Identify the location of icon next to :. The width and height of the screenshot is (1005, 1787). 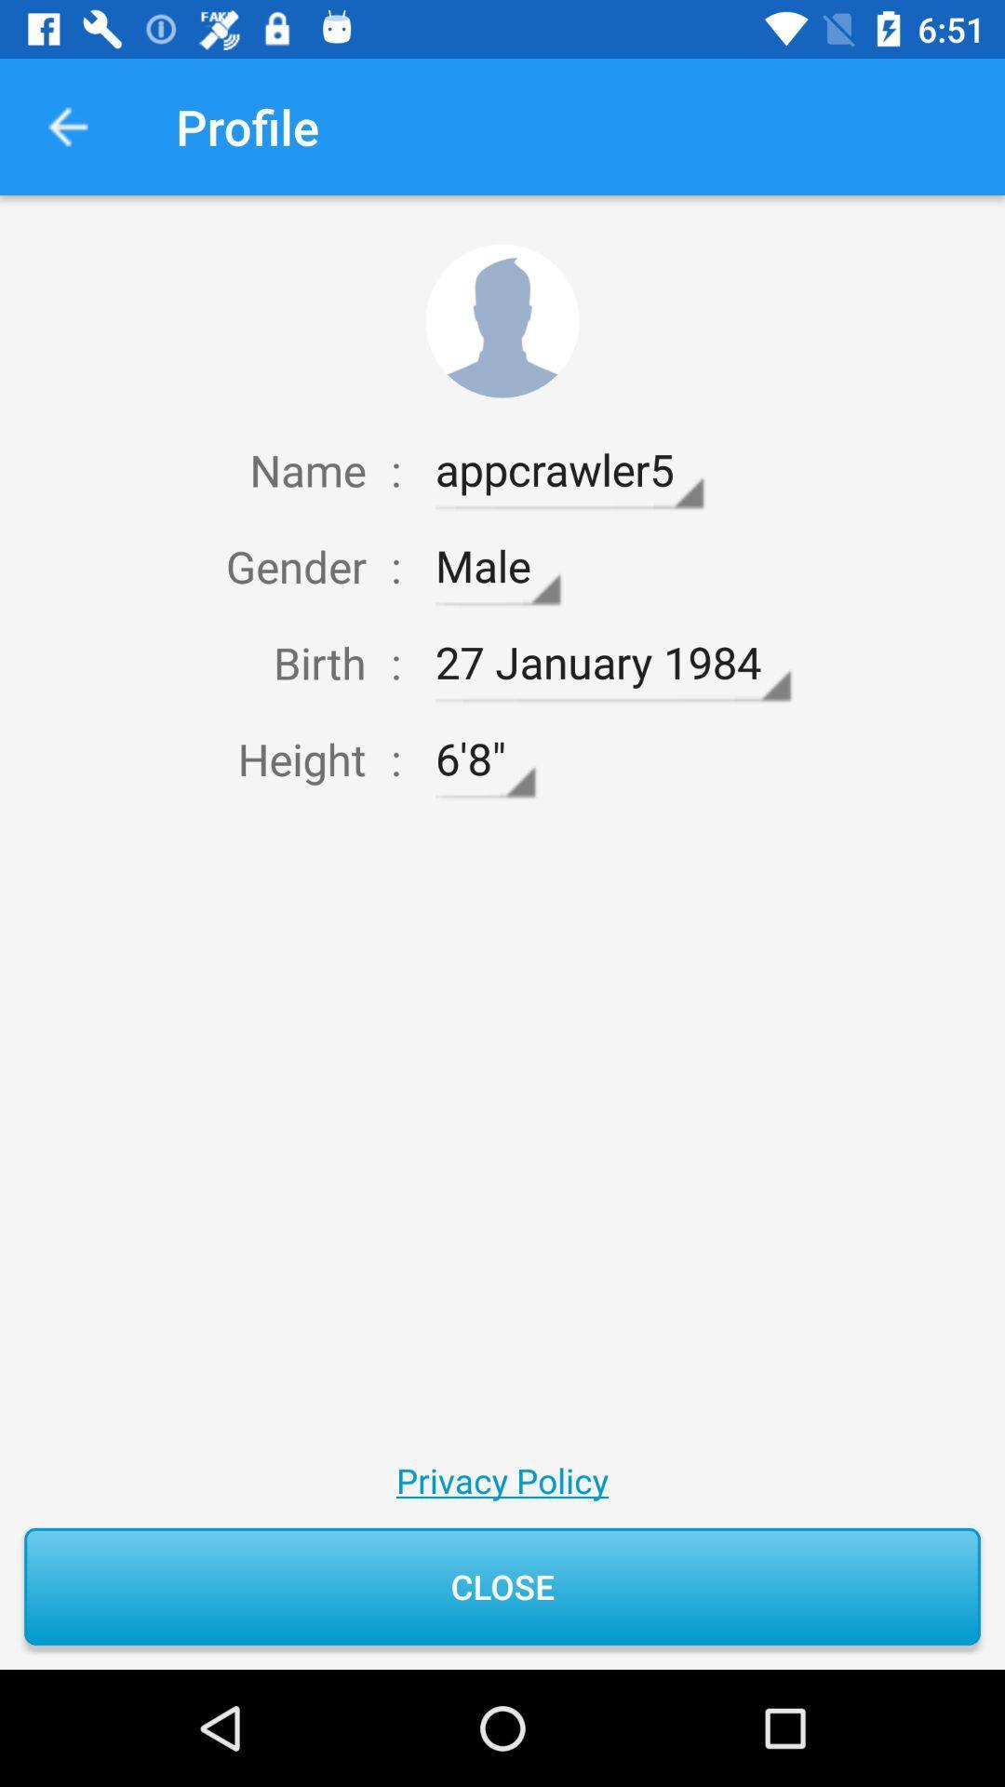
(569, 470).